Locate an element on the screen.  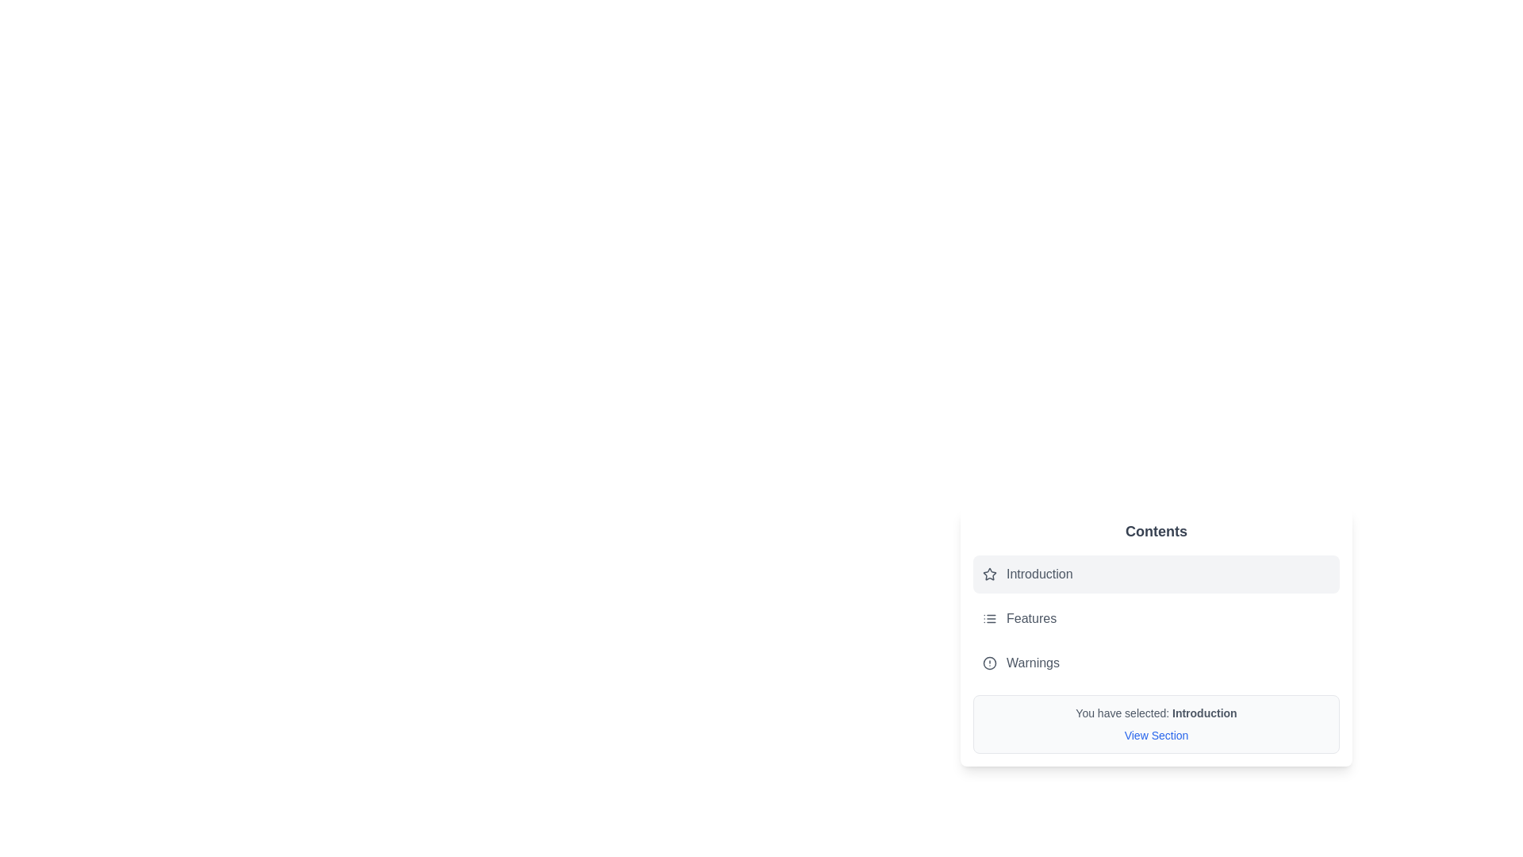
text indicating the currently selected section from the 'Contents' menu, which is embedded in the phrase 'You have selected: Introduction' is located at coordinates (1204, 712).